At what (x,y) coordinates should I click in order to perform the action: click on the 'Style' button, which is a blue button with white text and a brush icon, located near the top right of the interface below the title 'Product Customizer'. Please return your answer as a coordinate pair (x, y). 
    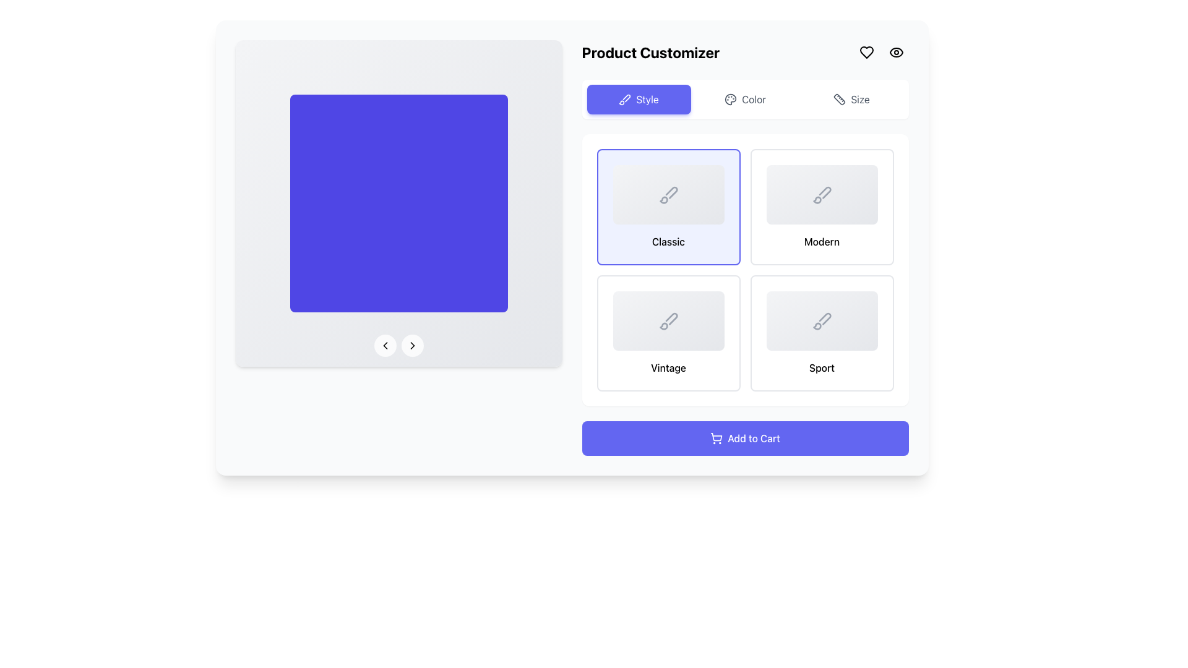
    Looking at the image, I should click on (639, 99).